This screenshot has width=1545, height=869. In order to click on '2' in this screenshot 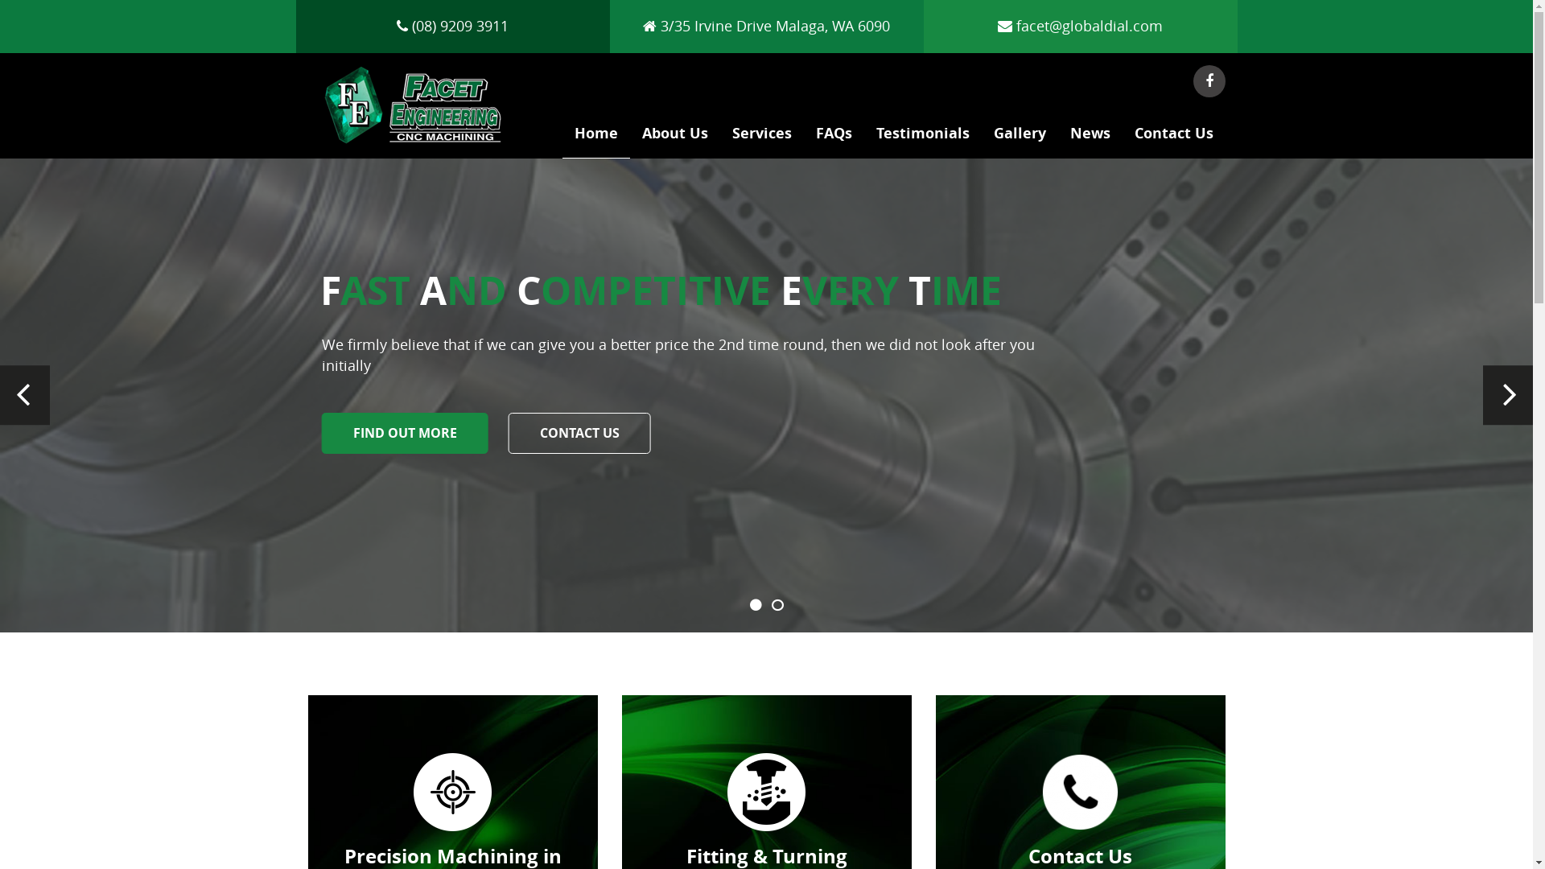, I will do `click(777, 605)`.